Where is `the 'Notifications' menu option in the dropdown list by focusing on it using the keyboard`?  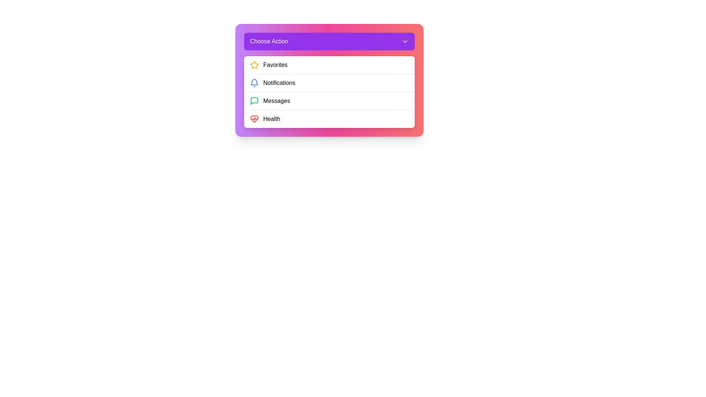
the 'Notifications' menu option in the dropdown list by focusing on it using the keyboard is located at coordinates (329, 82).